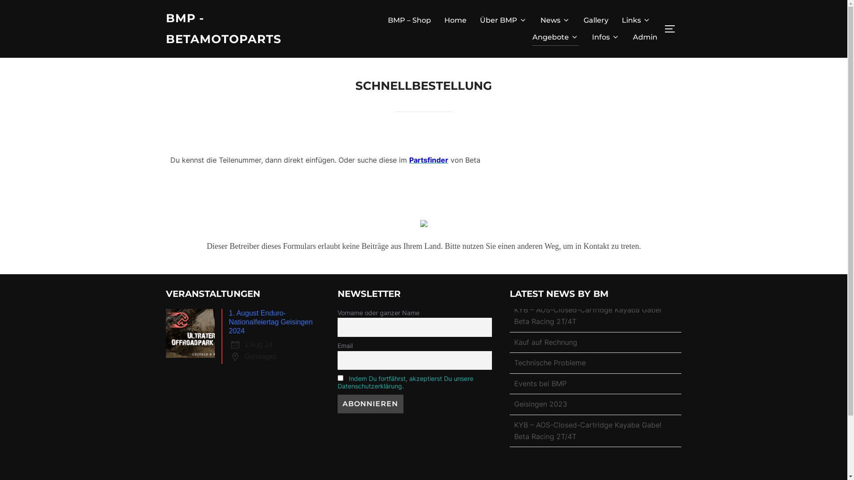 Image resolution: width=854 pixels, height=480 pixels. I want to click on 'Links', so click(636, 20).